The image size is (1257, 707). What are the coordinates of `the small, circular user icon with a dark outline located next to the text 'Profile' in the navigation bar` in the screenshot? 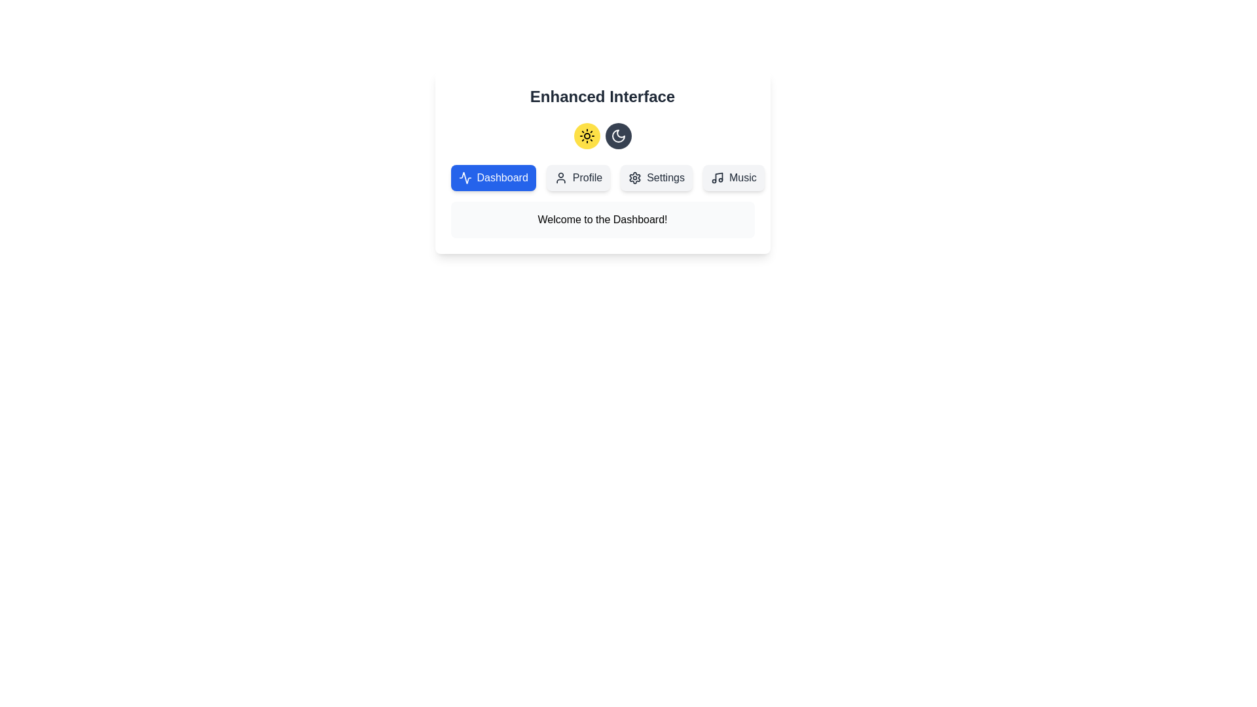 It's located at (560, 178).